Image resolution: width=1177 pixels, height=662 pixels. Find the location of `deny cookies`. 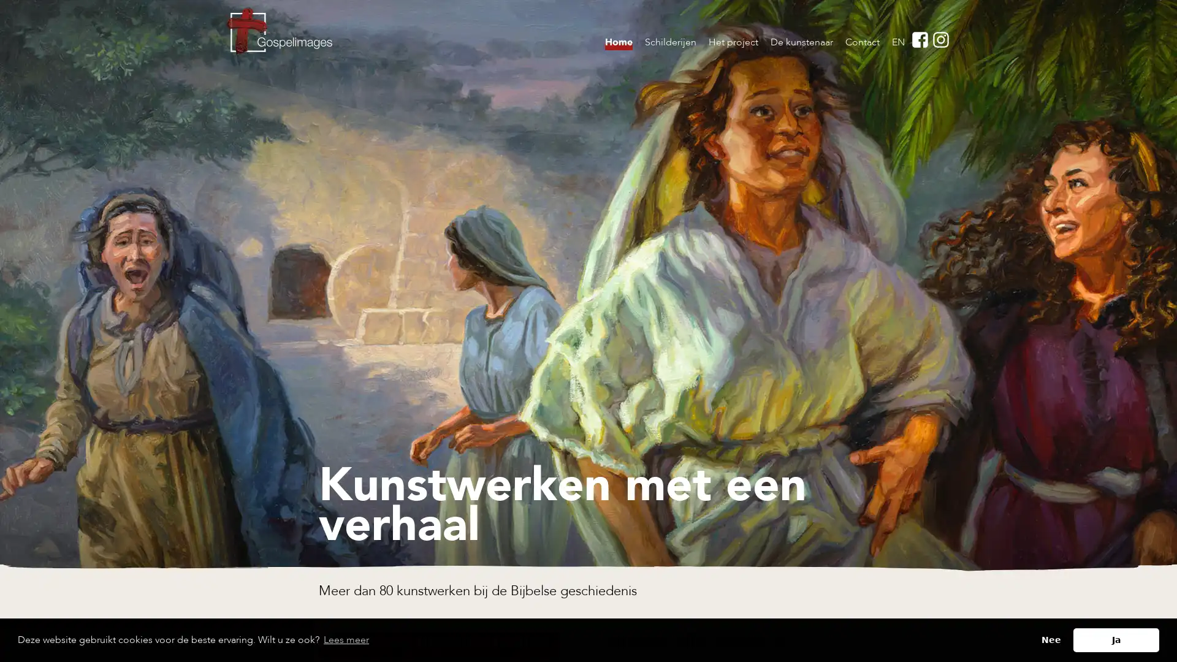

deny cookies is located at coordinates (1049, 639).